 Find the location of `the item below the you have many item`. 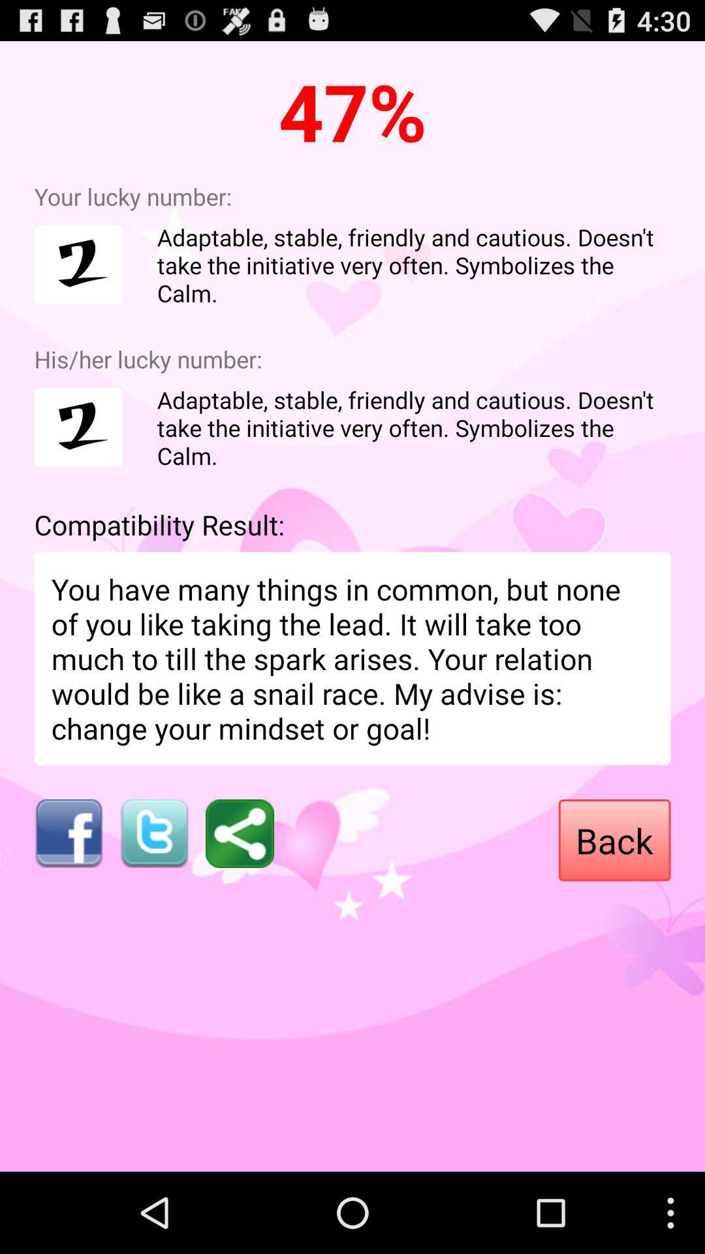

the item below the you have many item is located at coordinates (153, 833).